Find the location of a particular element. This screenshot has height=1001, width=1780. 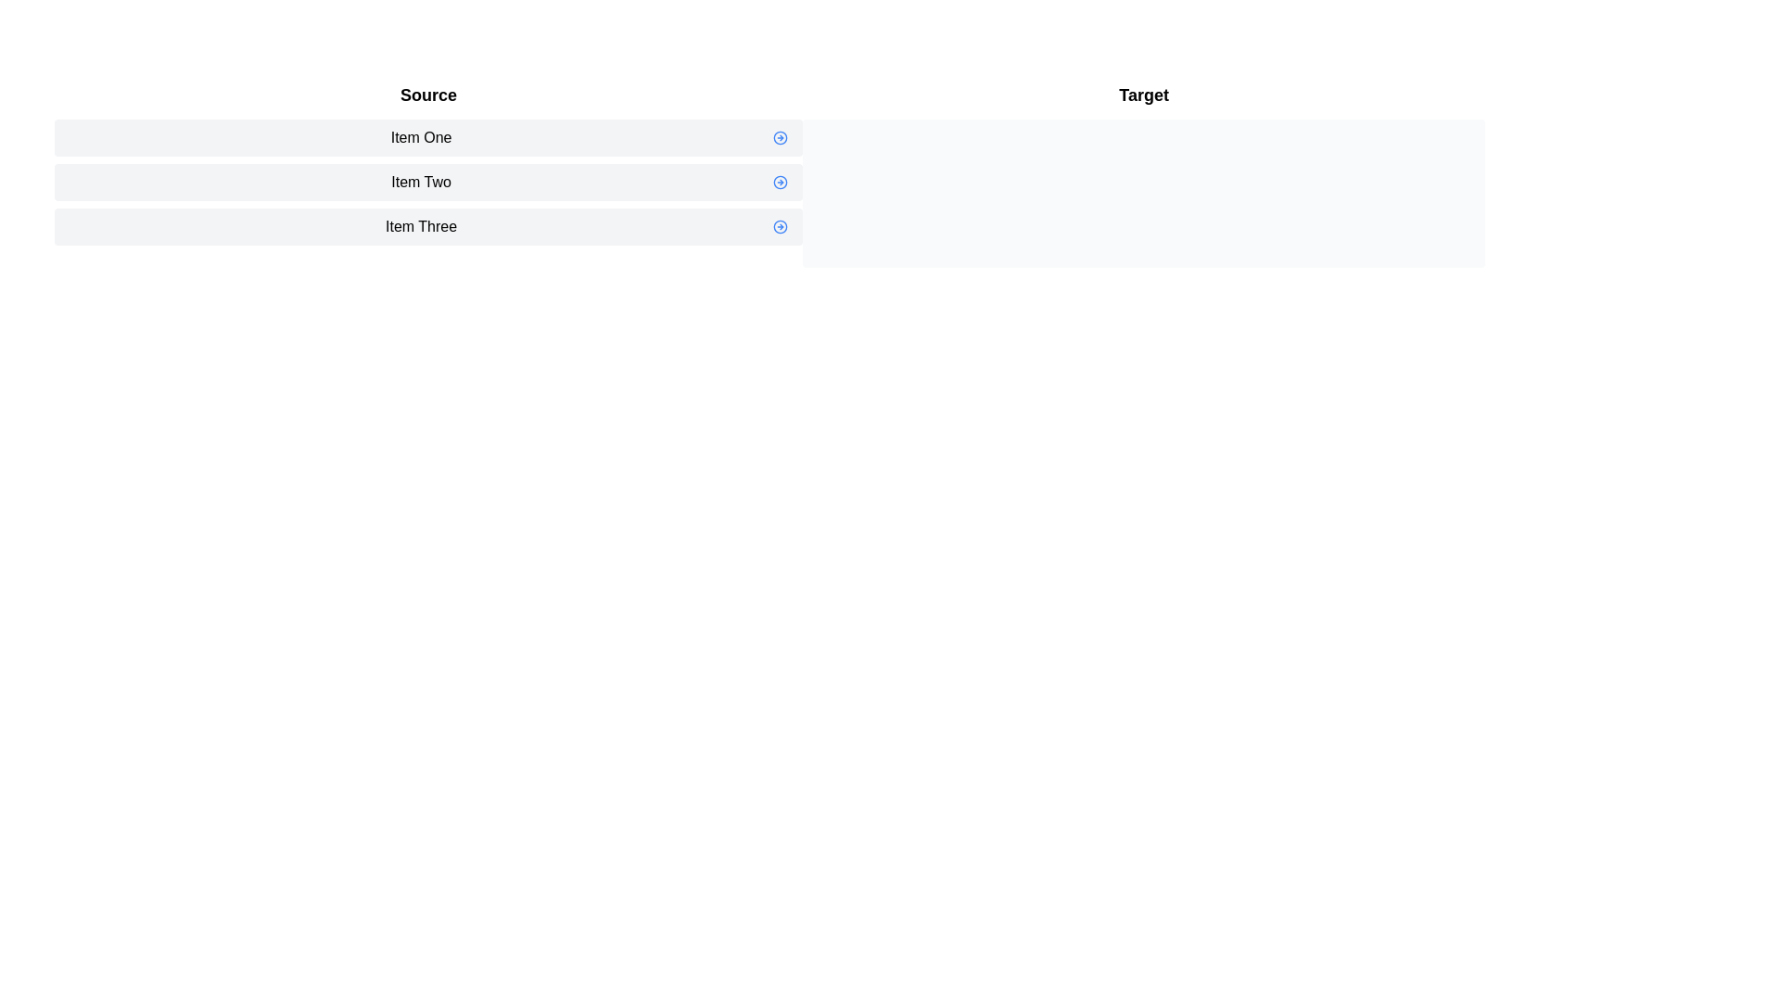

the list item in the 'Source' section is located at coordinates (427, 182).